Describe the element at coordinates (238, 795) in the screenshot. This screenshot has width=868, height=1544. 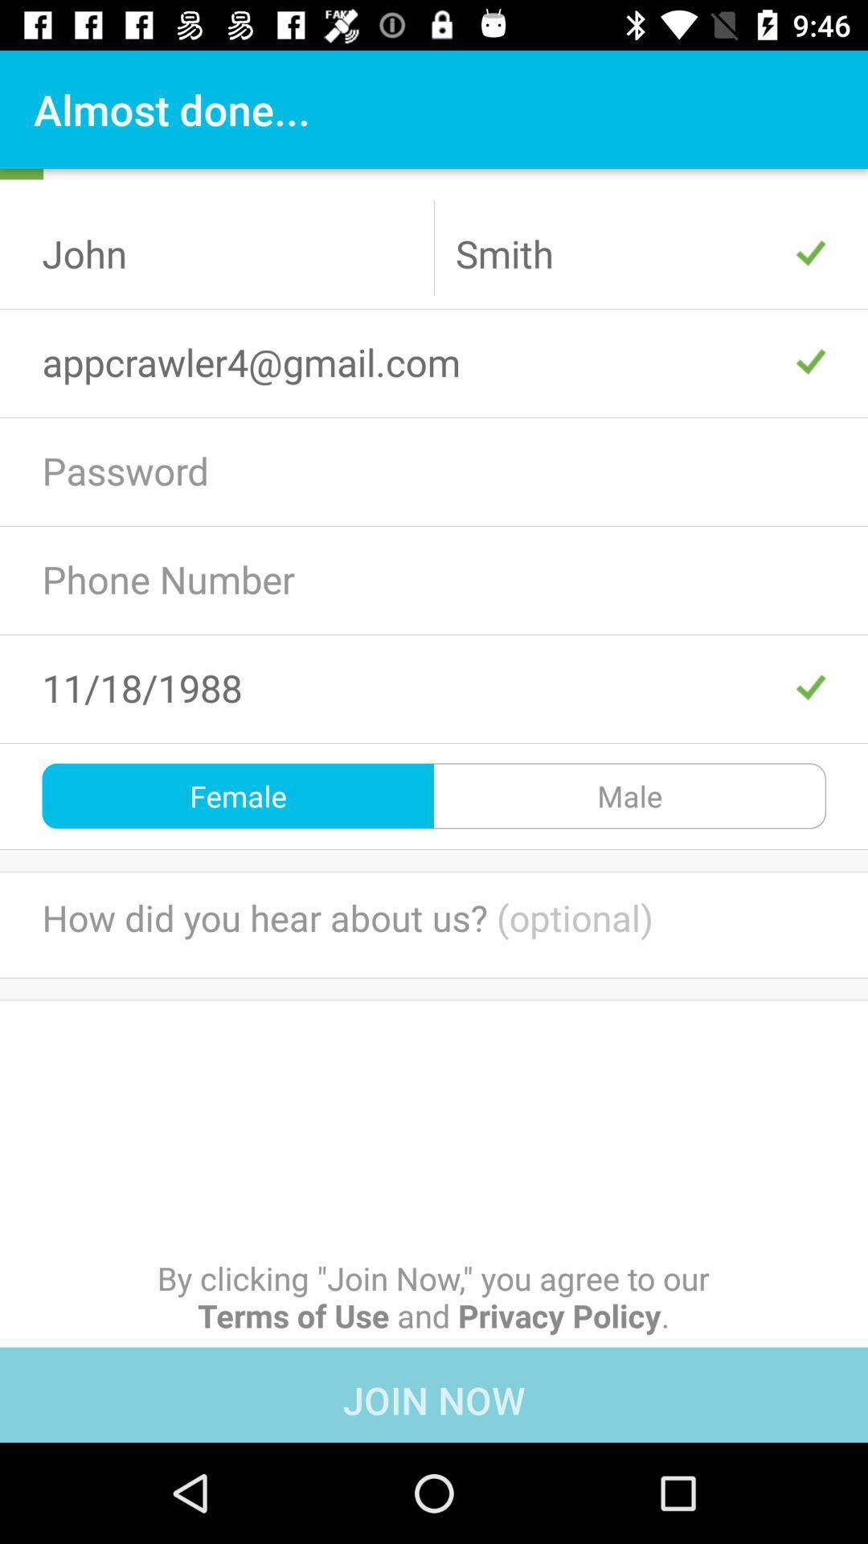
I see `the item to the left of the male icon` at that location.